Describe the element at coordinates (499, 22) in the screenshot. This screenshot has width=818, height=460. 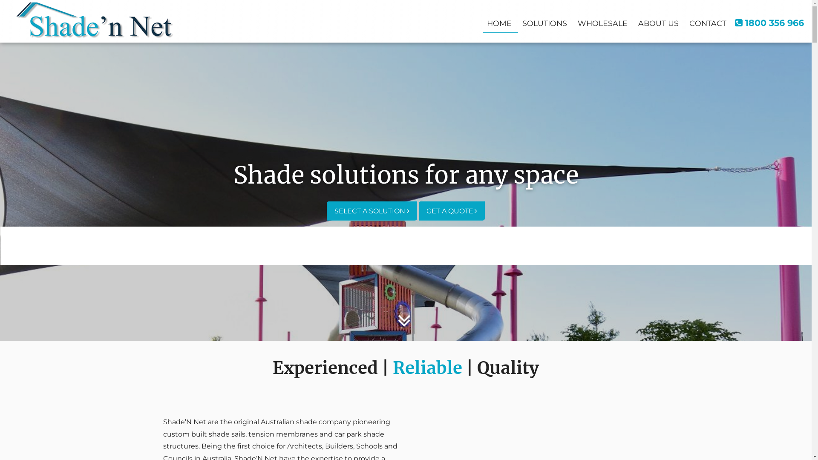
I see `'HOME'` at that location.